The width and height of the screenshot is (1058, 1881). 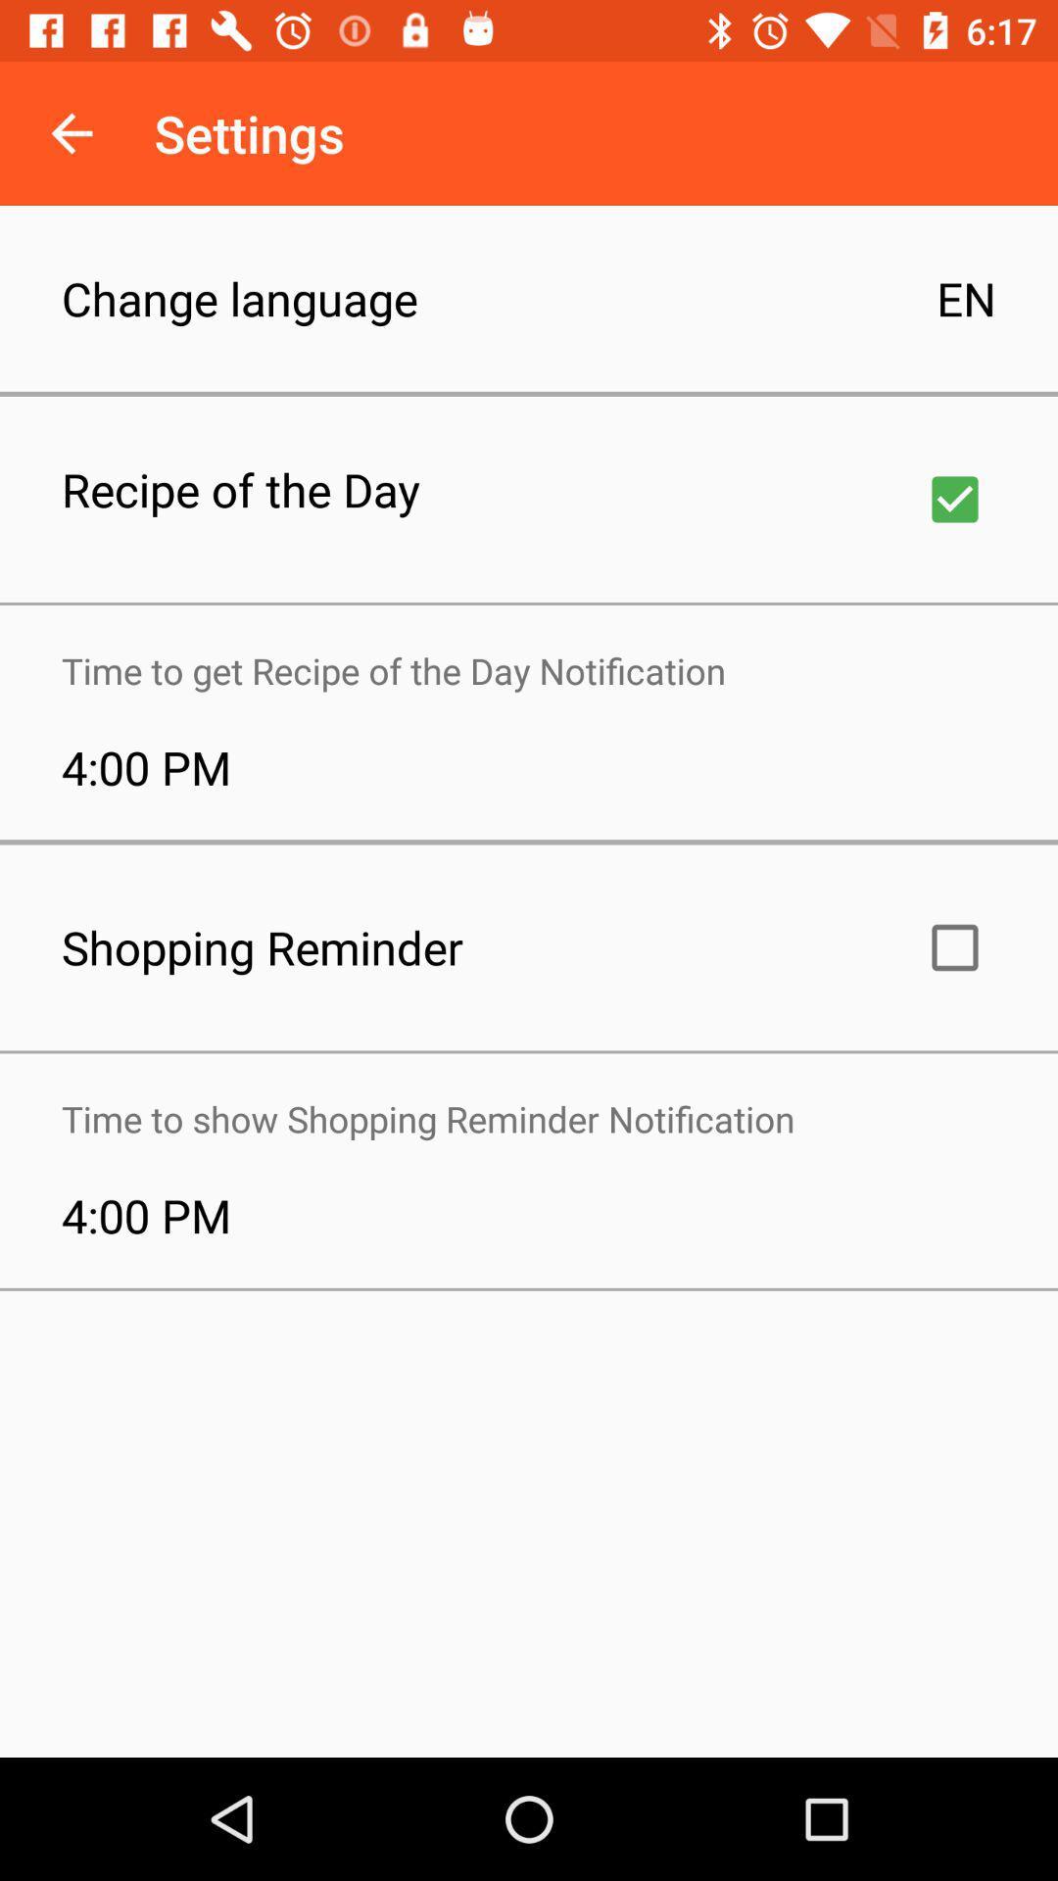 What do you see at coordinates (71, 132) in the screenshot?
I see `the icon next to the settings icon` at bounding box center [71, 132].